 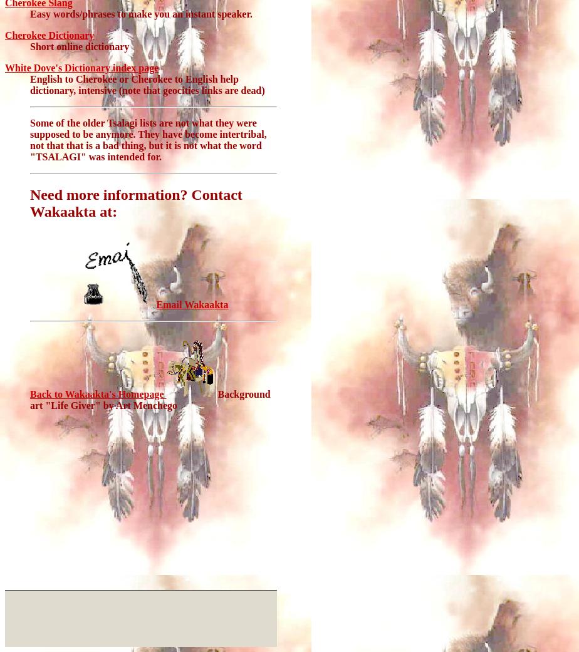 What do you see at coordinates (149, 399) in the screenshot?
I see `'Background art "Life Giver" by Art Menchego'` at bounding box center [149, 399].